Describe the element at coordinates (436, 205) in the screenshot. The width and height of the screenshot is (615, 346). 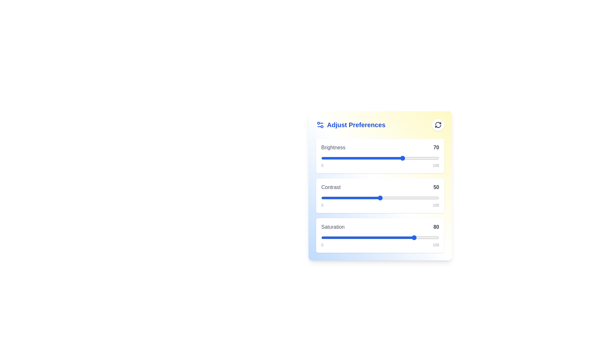
I see `the text label displaying the number '100,' which is in a light gray font on the far-right side of the 'Contrast' slider in the 'Adjust Preferences' panel` at that location.